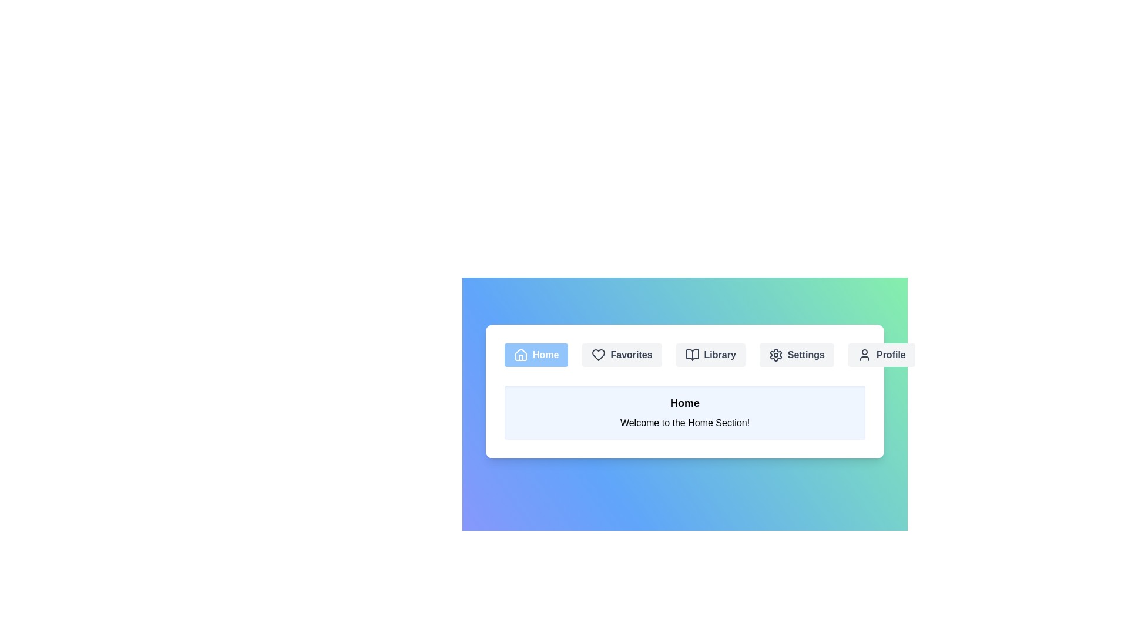 This screenshot has width=1128, height=634. Describe the element at coordinates (599, 355) in the screenshot. I see `the 'Favorites' icon, which is visually marked and located to the left of the 'Favorites' text in the navigation bar` at that location.